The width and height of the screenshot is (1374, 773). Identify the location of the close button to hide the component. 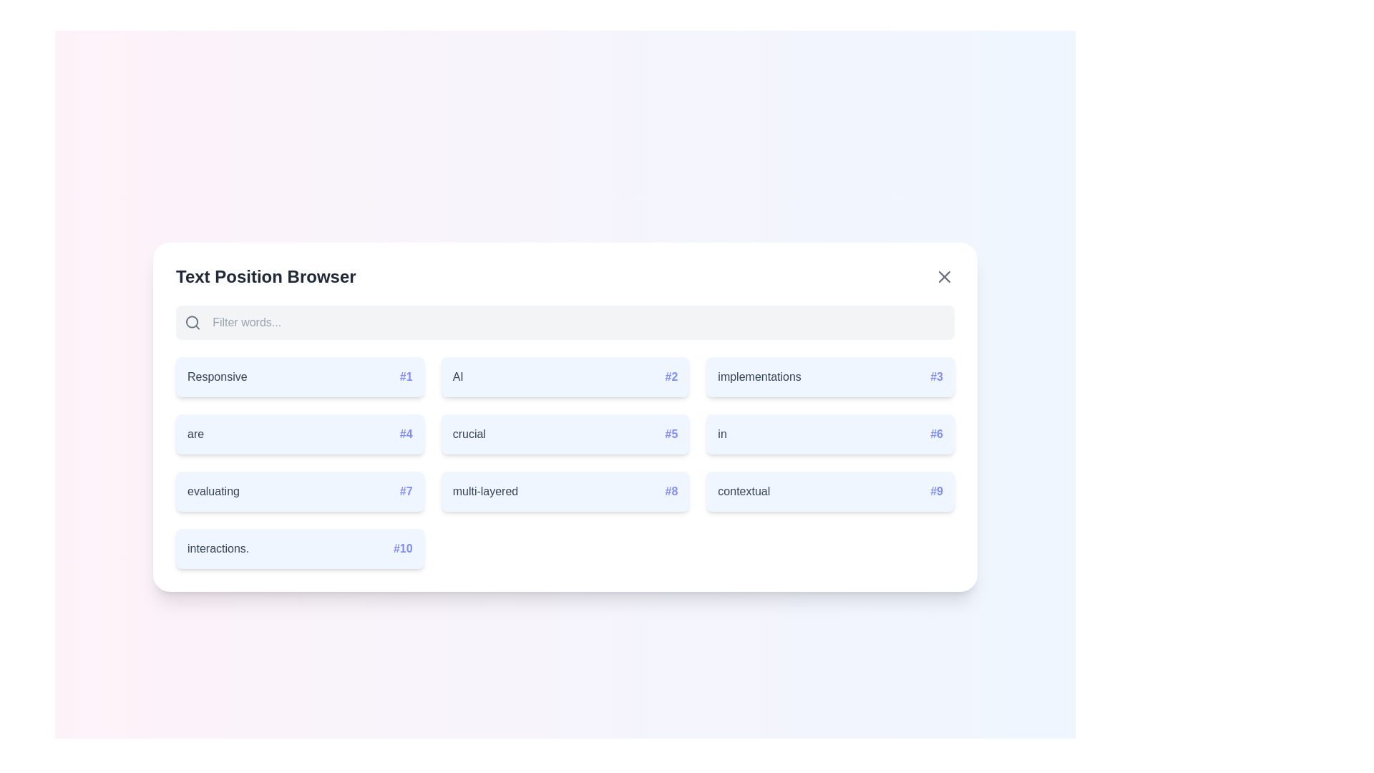
(945, 276).